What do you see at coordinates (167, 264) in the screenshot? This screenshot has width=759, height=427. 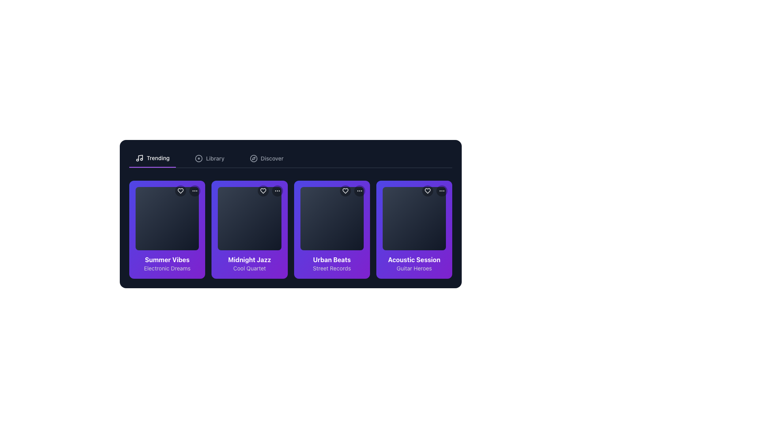 I see `the Text Display Block that provides the title and description of the card, located within a purple rounded rectangular card at the top left of a grid layout` at bounding box center [167, 264].